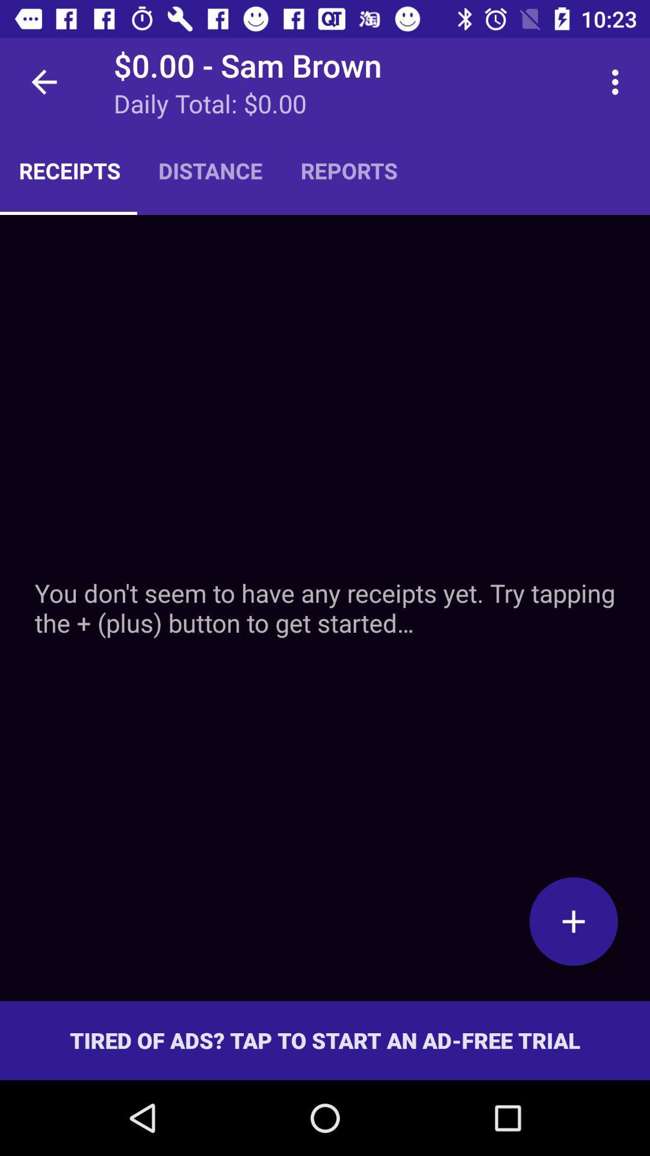 The width and height of the screenshot is (650, 1156). What do you see at coordinates (325, 608) in the screenshot?
I see `receipts` at bounding box center [325, 608].